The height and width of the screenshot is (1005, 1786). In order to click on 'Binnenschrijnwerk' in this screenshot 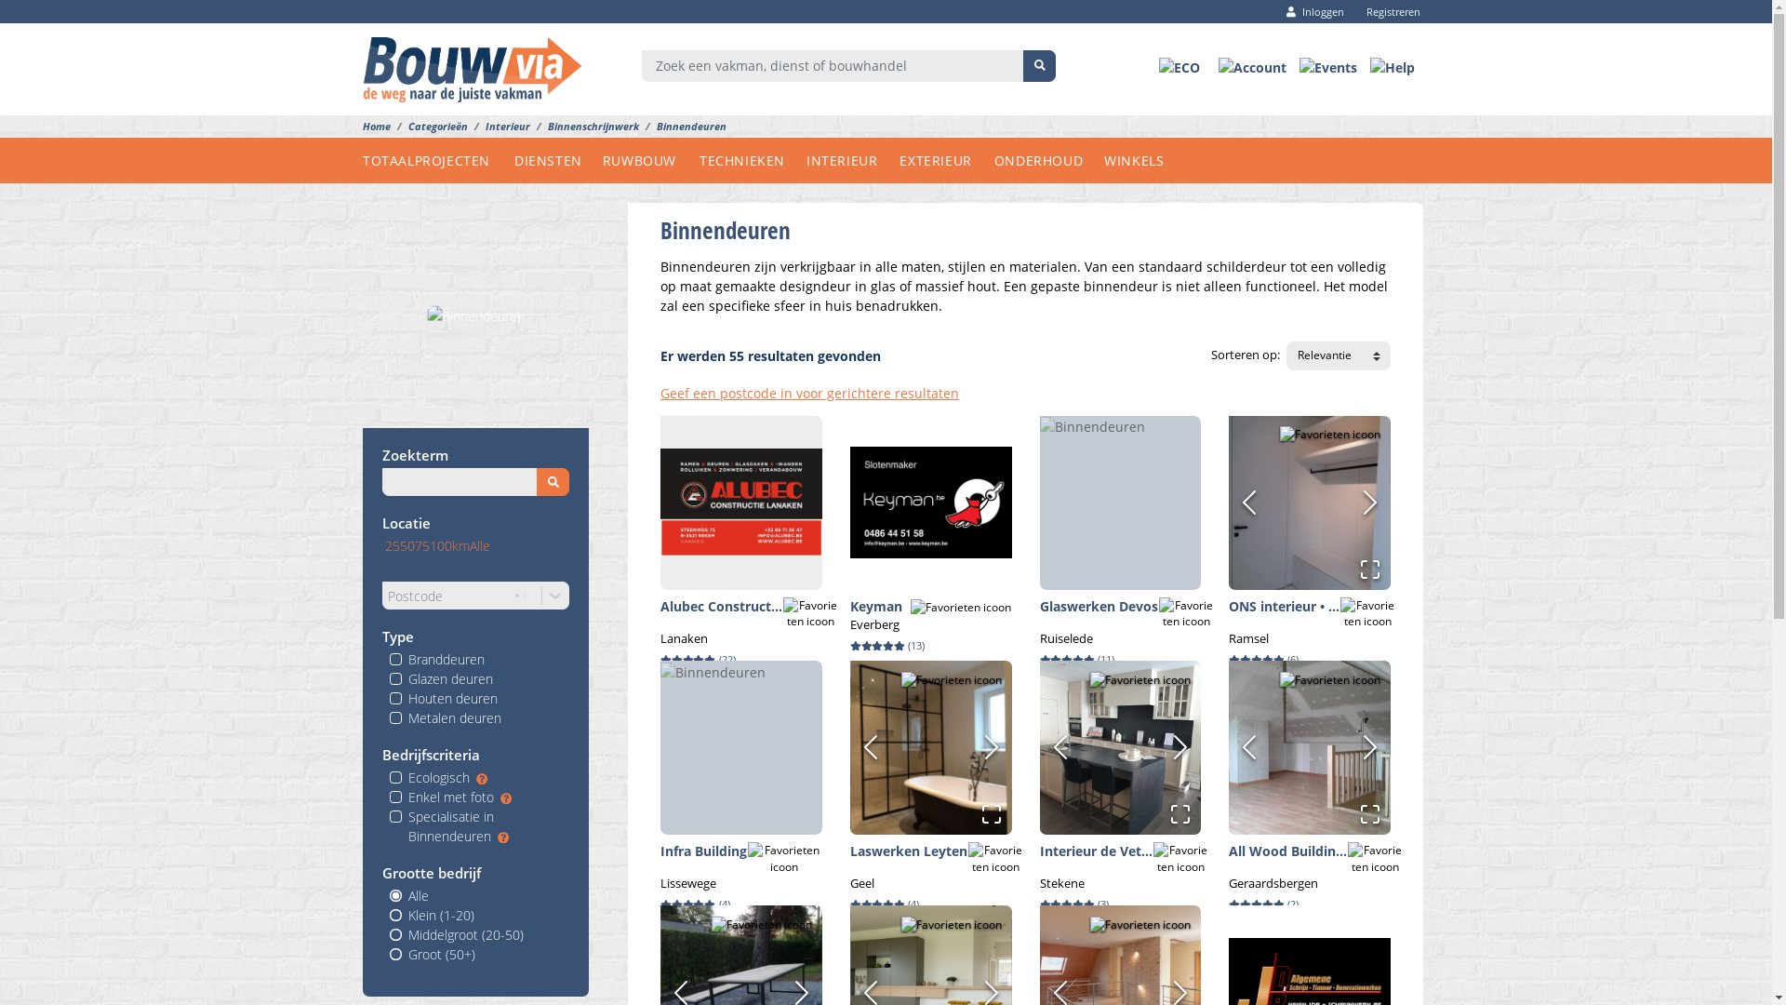, I will do `click(529, 126)`.